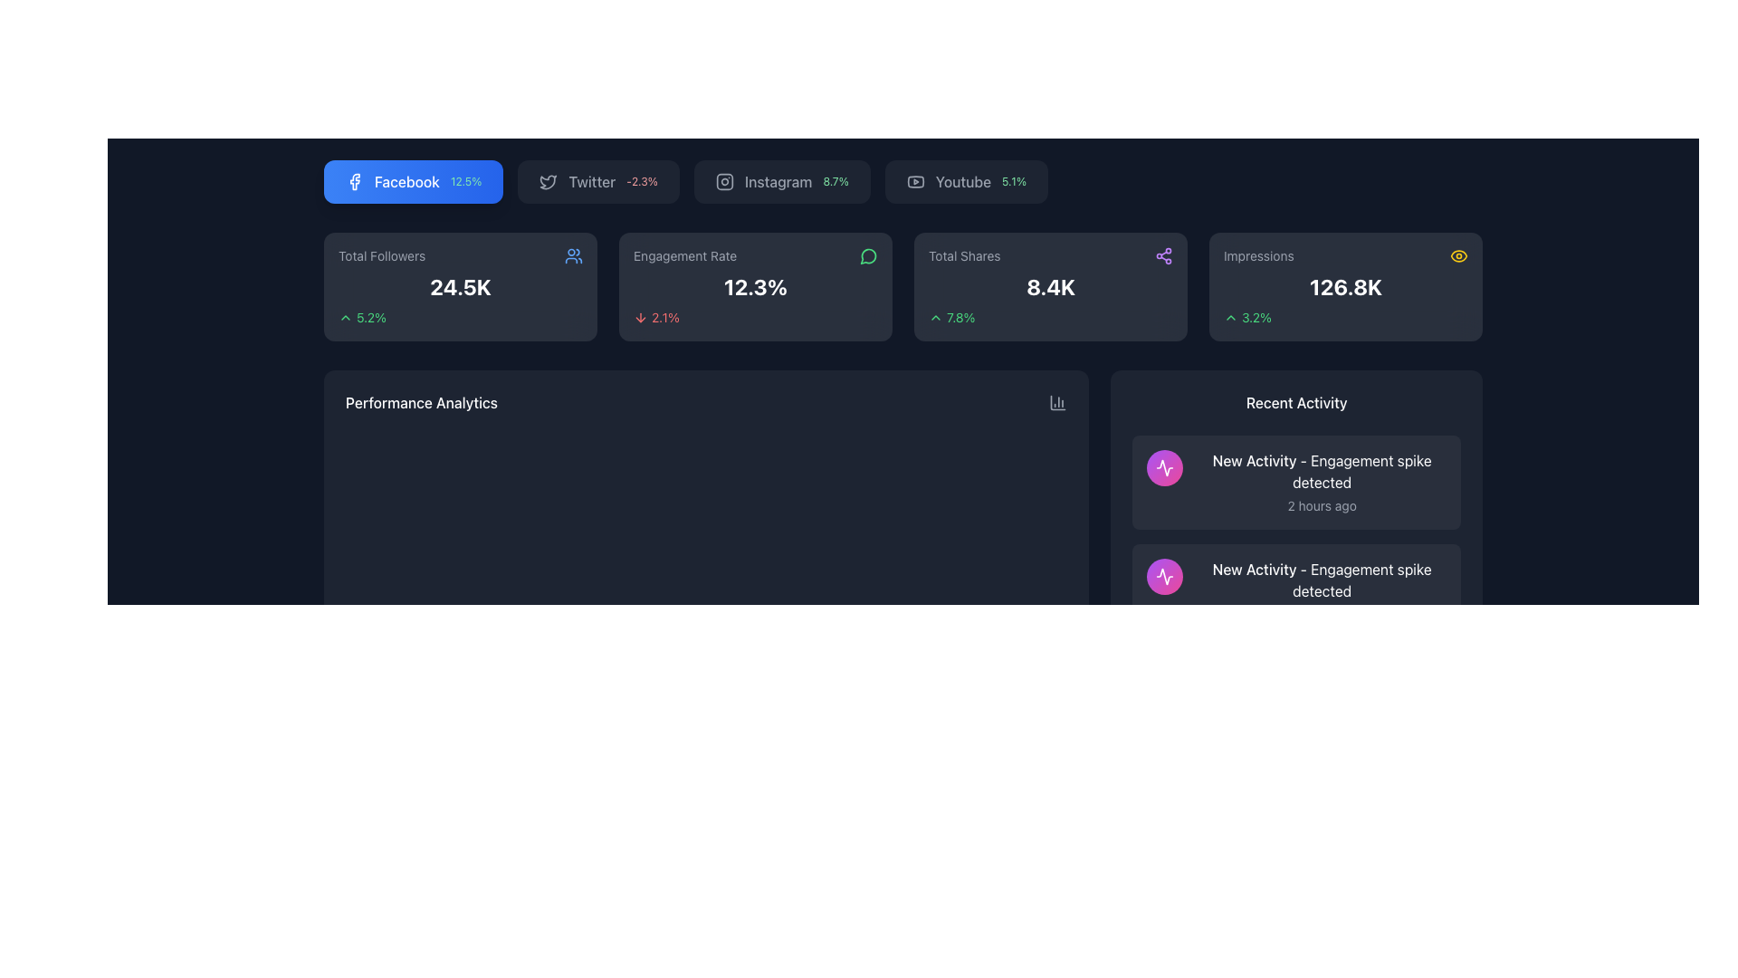 This screenshot has width=1738, height=978. What do you see at coordinates (1165, 466) in the screenshot?
I see `the zigzagged waveform icon located in the 'Recent Activity' section of the lower notification card` at bounding box center [1165, 466].